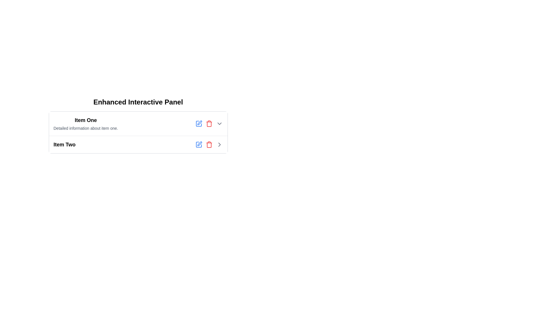  What do you see at coordinates (199, 123) in the screenshot?
I see `the icon button, which is a square with a rounded blue outline and a pen graphic inside, located to the right of the 'Item Two' label in the second row of the interactive panel` at bounding box center [199, 123].